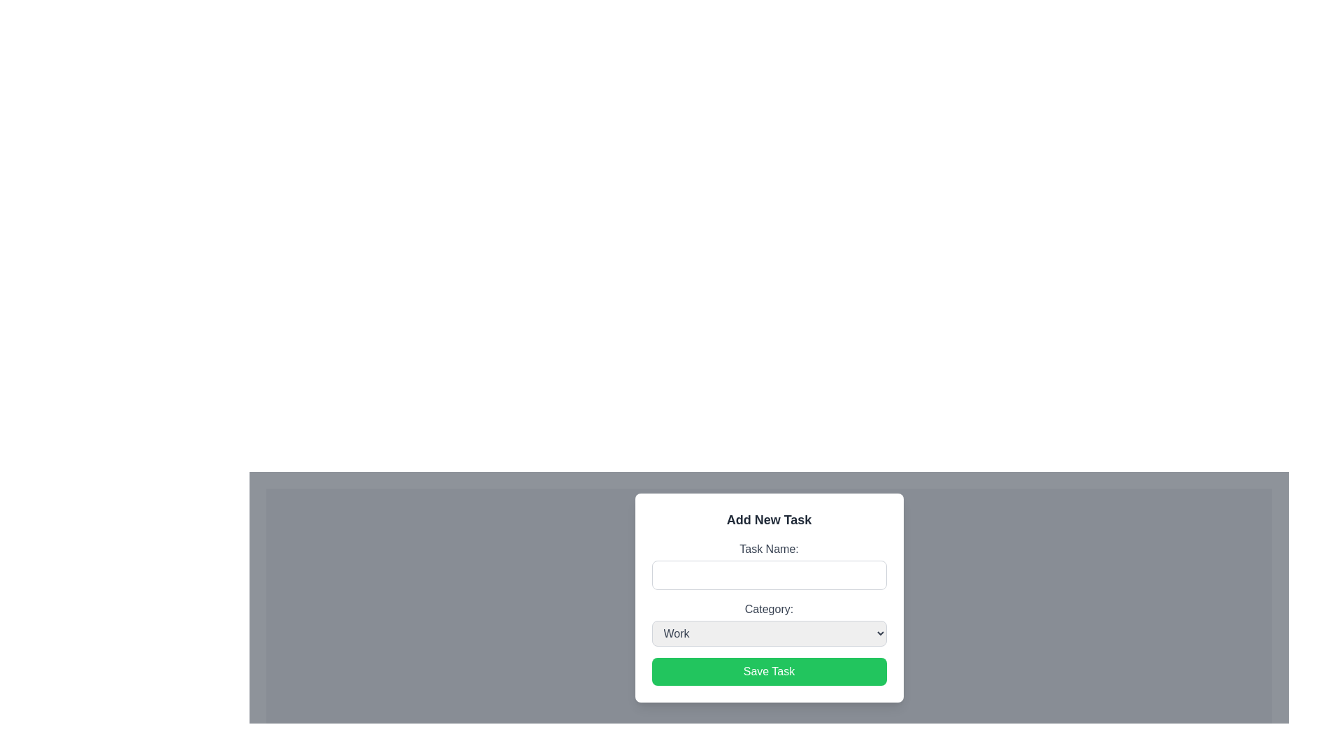 The height and width of the screenshot is (755, 1342). I want to click on the input field labeled 'Task Name:' to focus on it within the 'Add New Task' dialog box, so click(768, 564).